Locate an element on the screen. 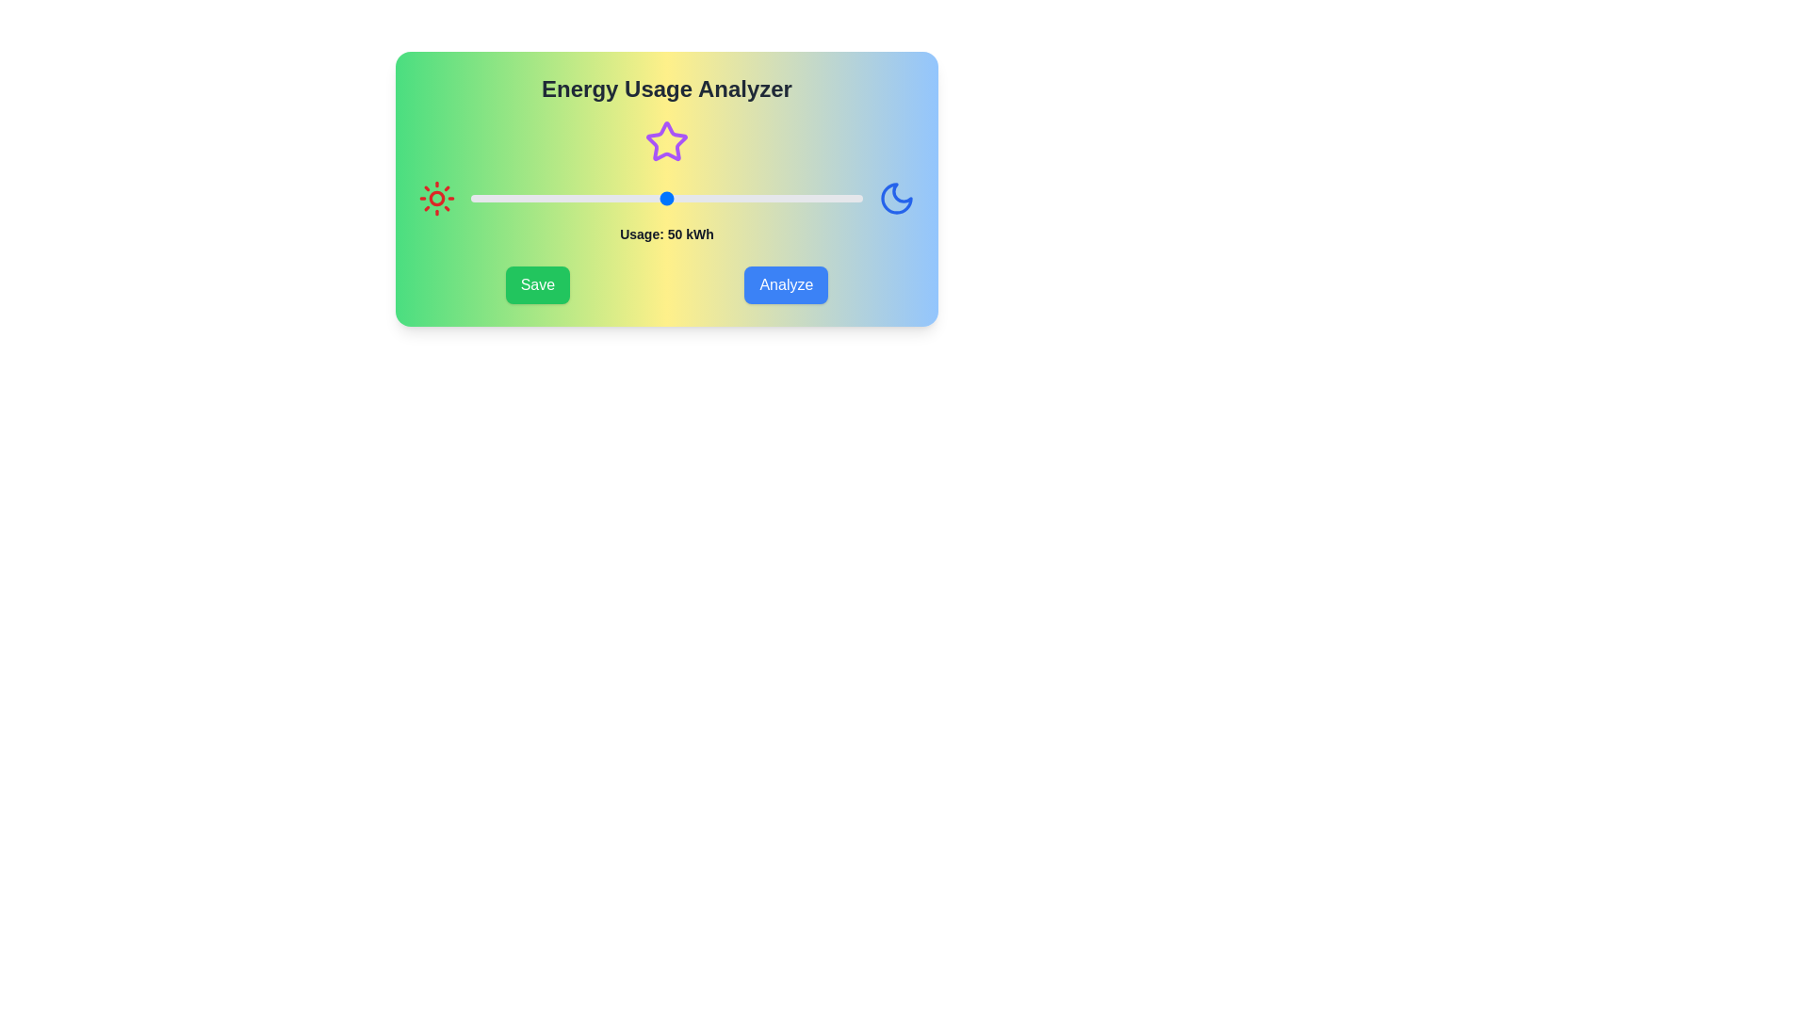 This screenshot has height=1017, width=1809. the energy usage slider to 80 kWh is located at coordinates (784, 199).